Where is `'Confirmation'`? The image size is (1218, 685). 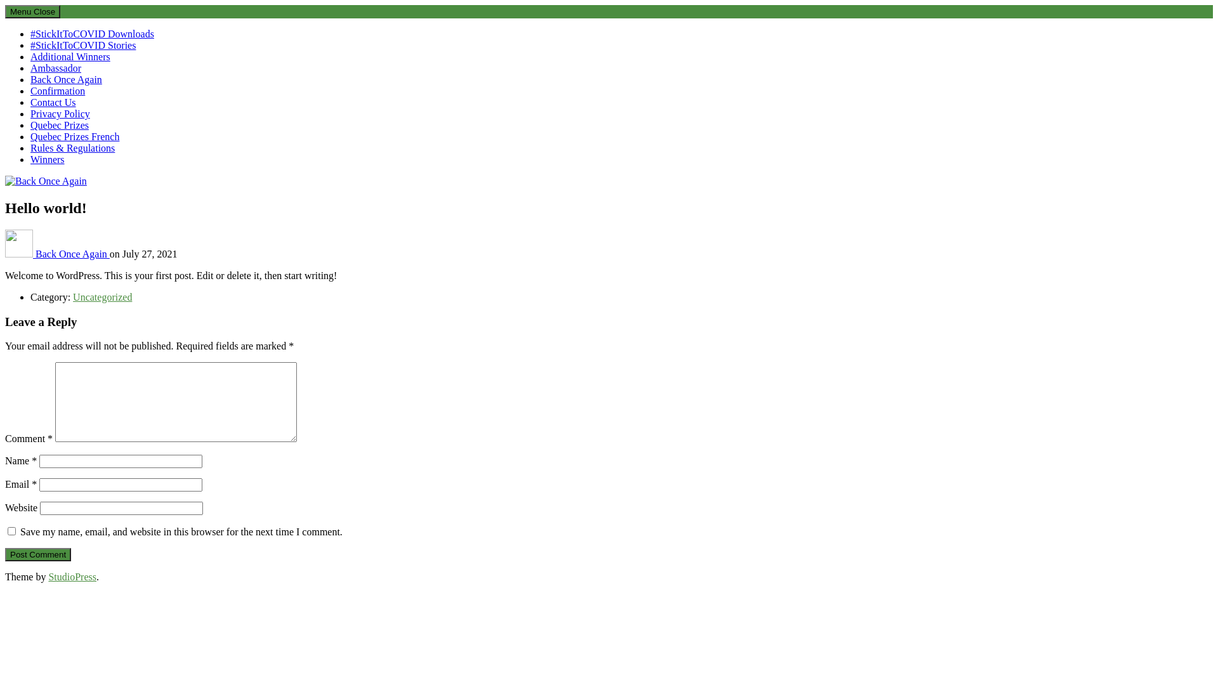 'Confirmation' is located at coordinates (30, 90).